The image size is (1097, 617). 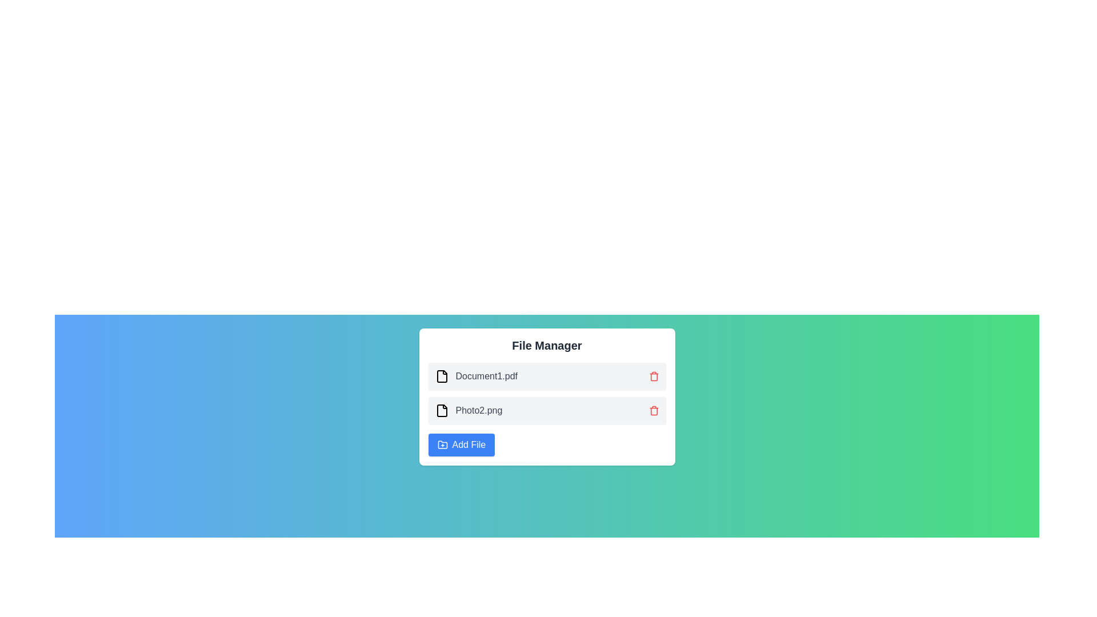 I want to click on the document icon with a folded top-right corner located next to the file name 'Photo2.png' in the file management interface, so click(x=441, y=410).